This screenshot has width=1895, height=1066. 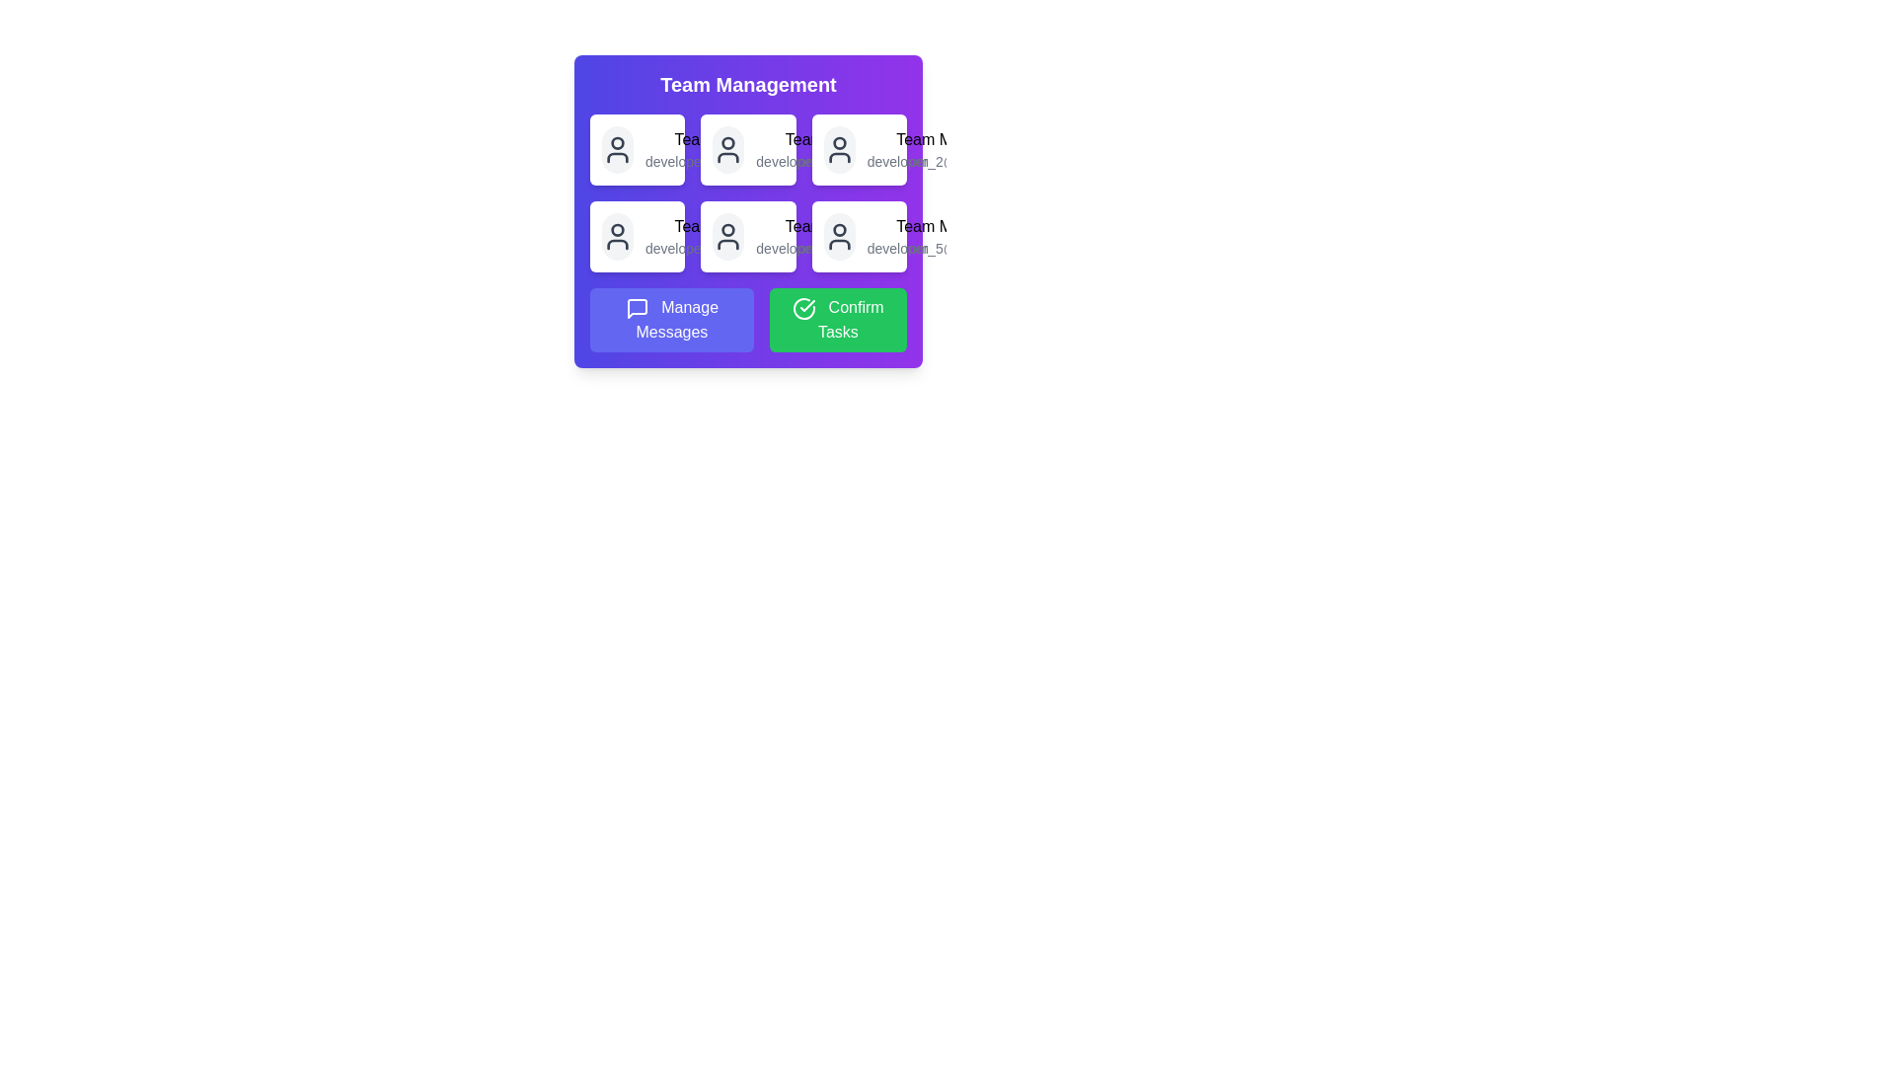 I want to click on the user icon, so click(x=616, y=148).